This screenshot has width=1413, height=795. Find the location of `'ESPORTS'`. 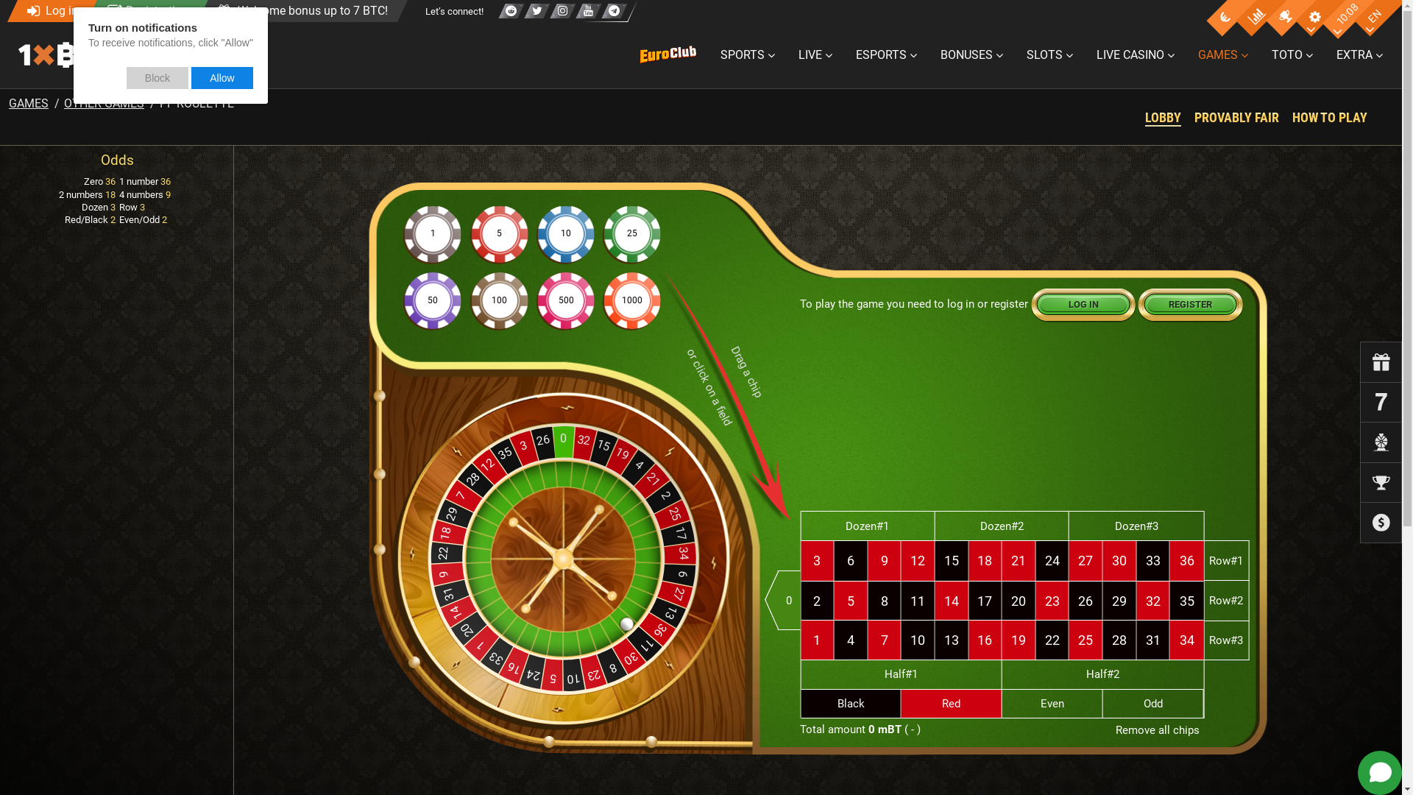

'ESPORTS' is located at coordinates (885, 54).